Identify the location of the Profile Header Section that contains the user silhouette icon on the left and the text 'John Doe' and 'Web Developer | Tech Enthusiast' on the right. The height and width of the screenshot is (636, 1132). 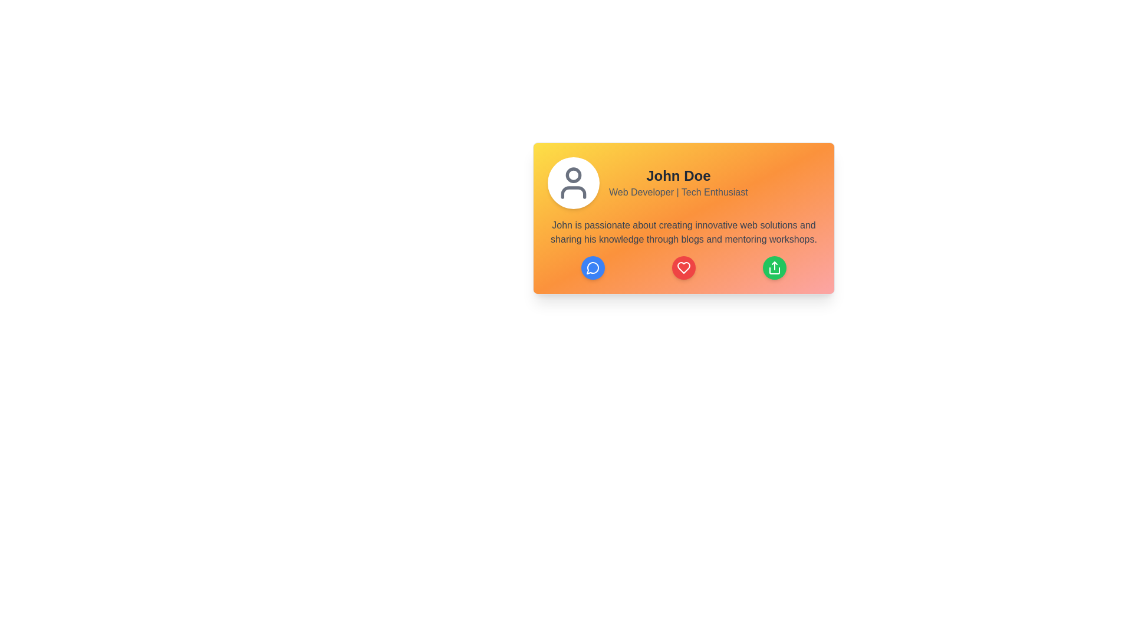
(684, 183).